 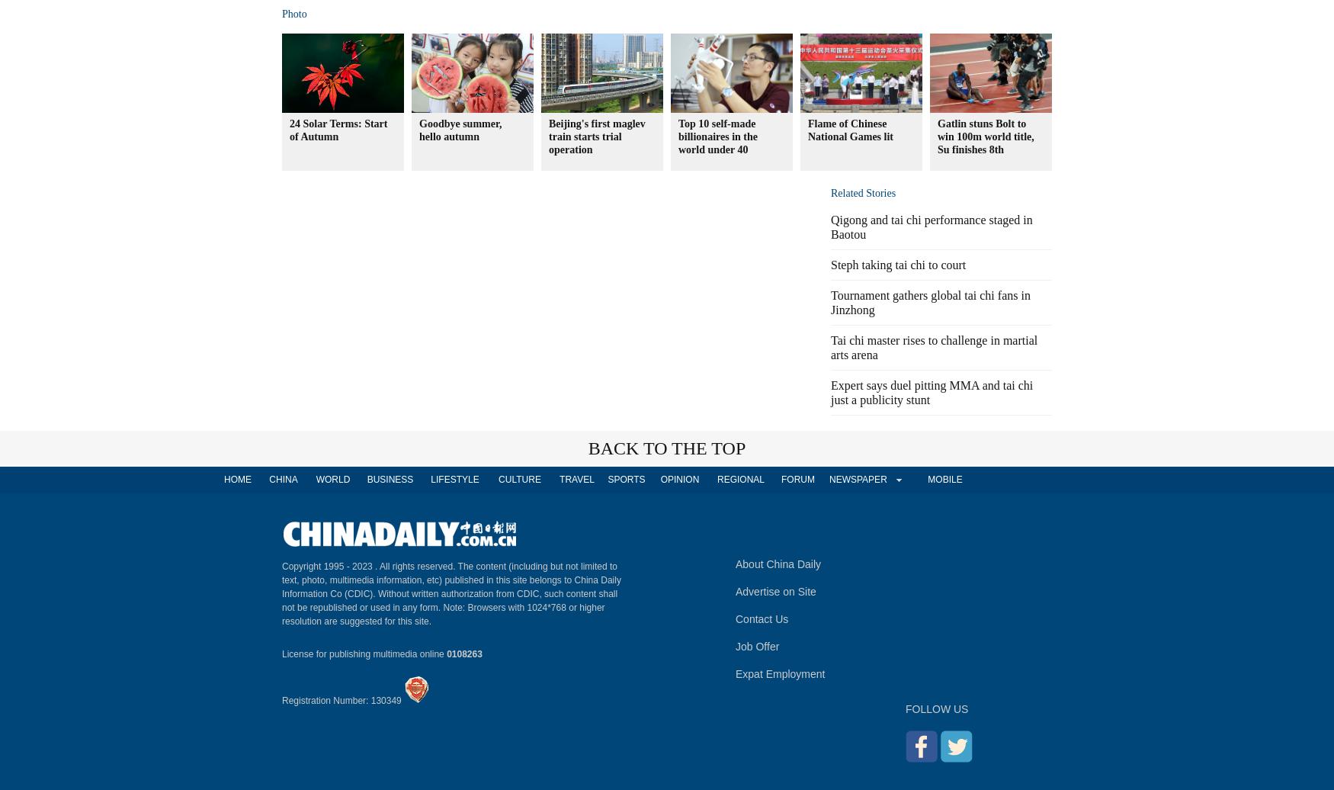 I want to click on 'CULTURE', so click(x=518, y=479).